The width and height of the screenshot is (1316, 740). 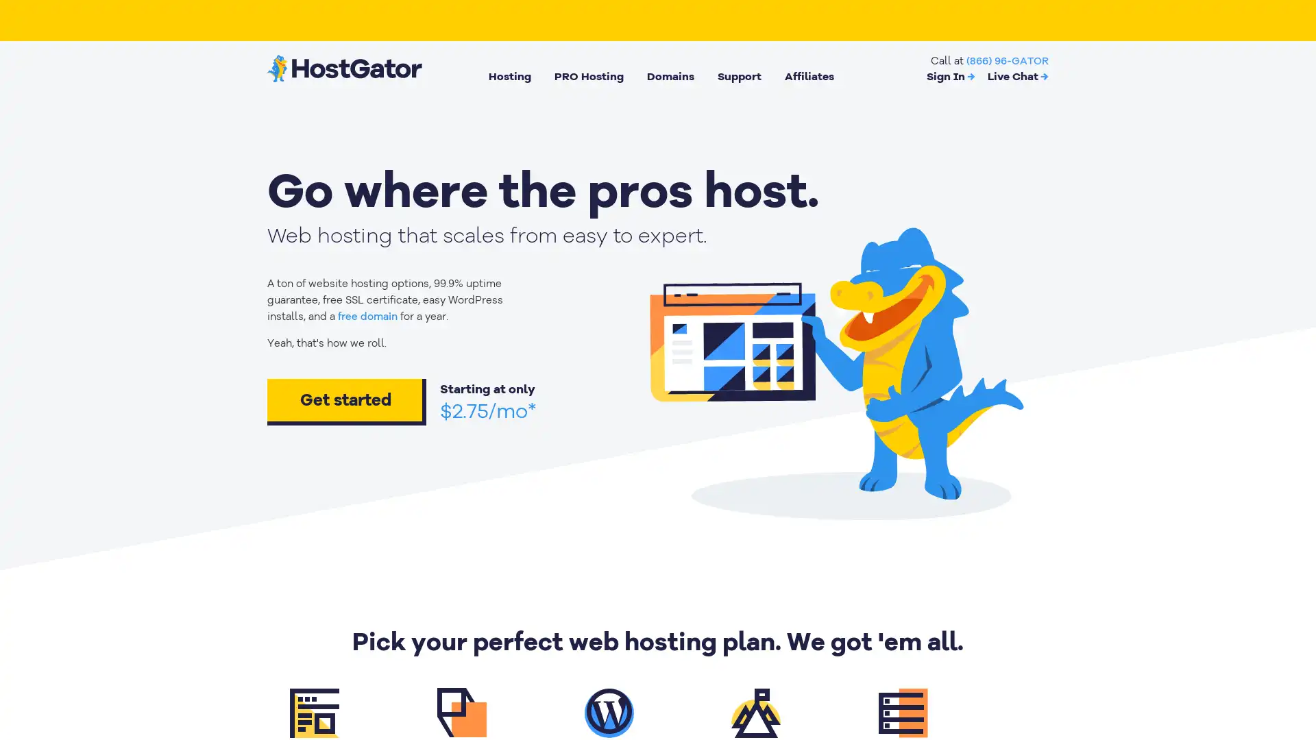 I want to click on Explore your accessibility options, so click(x=1293, y=670).